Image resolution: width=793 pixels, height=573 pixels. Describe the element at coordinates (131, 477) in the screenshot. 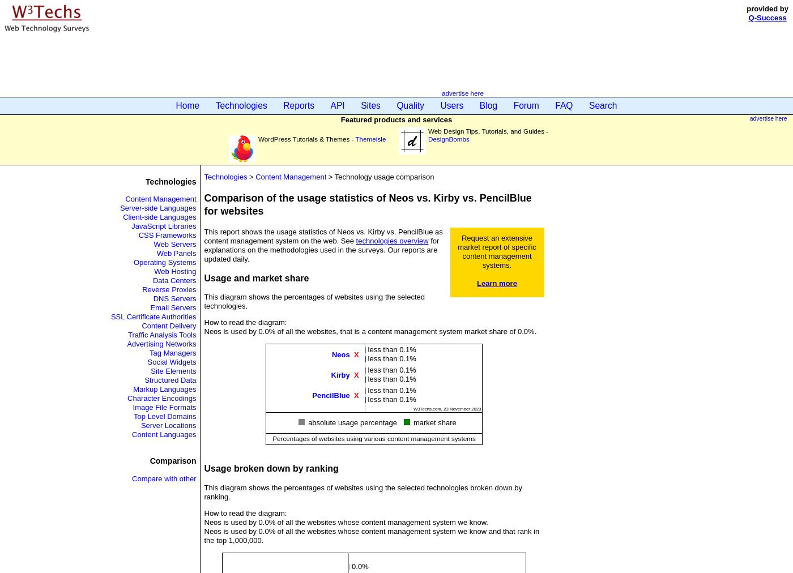

I see `'Compare with other'` at that location.